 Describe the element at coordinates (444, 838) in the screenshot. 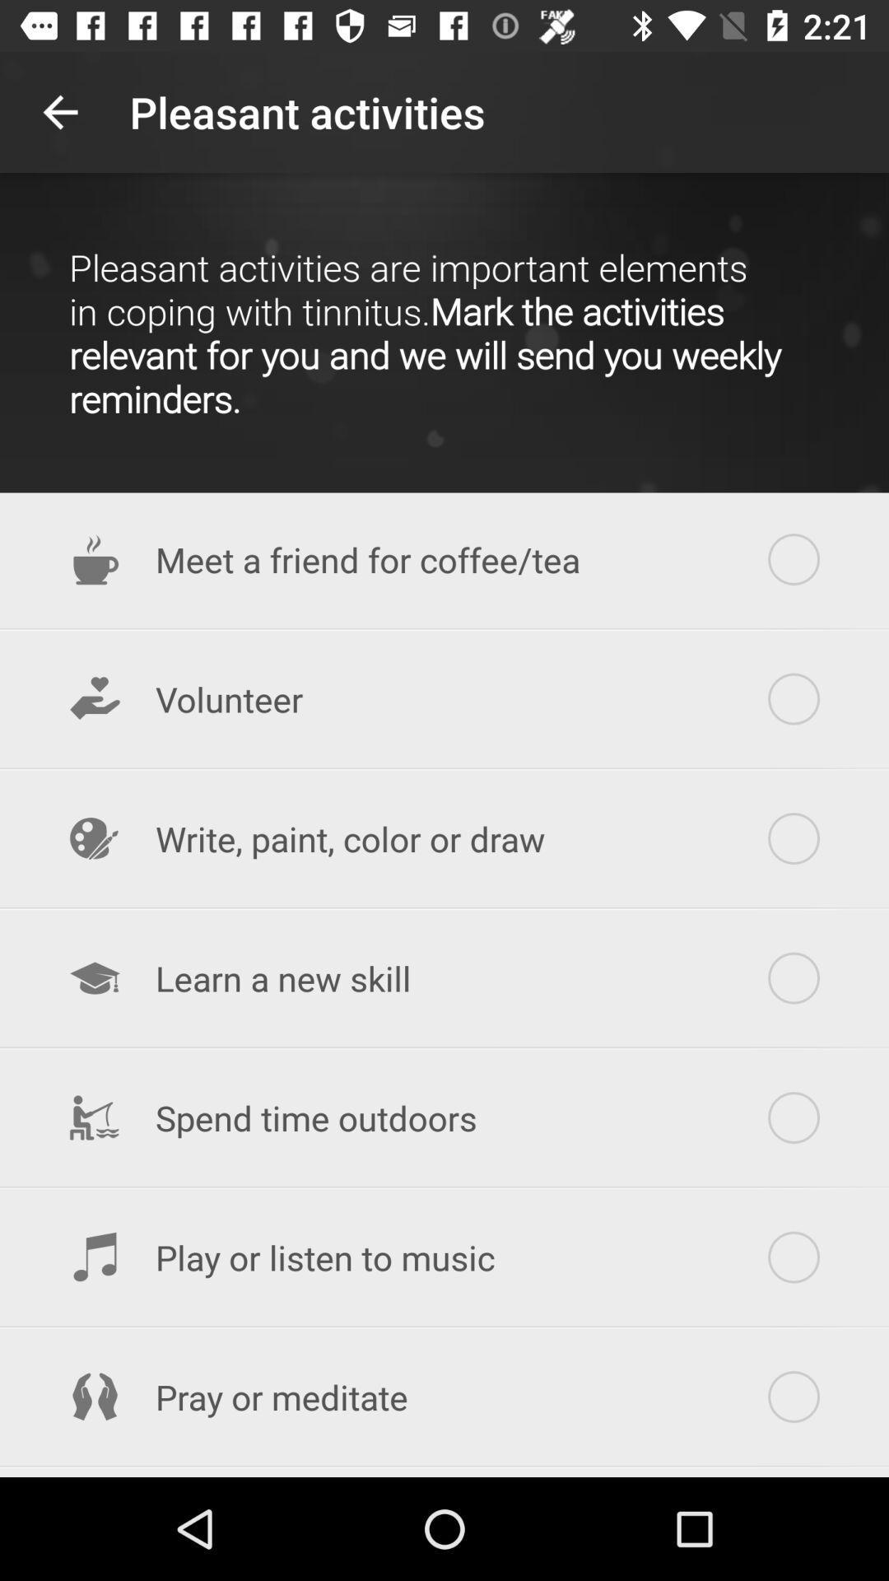

I see `the write paint color item` at that location.